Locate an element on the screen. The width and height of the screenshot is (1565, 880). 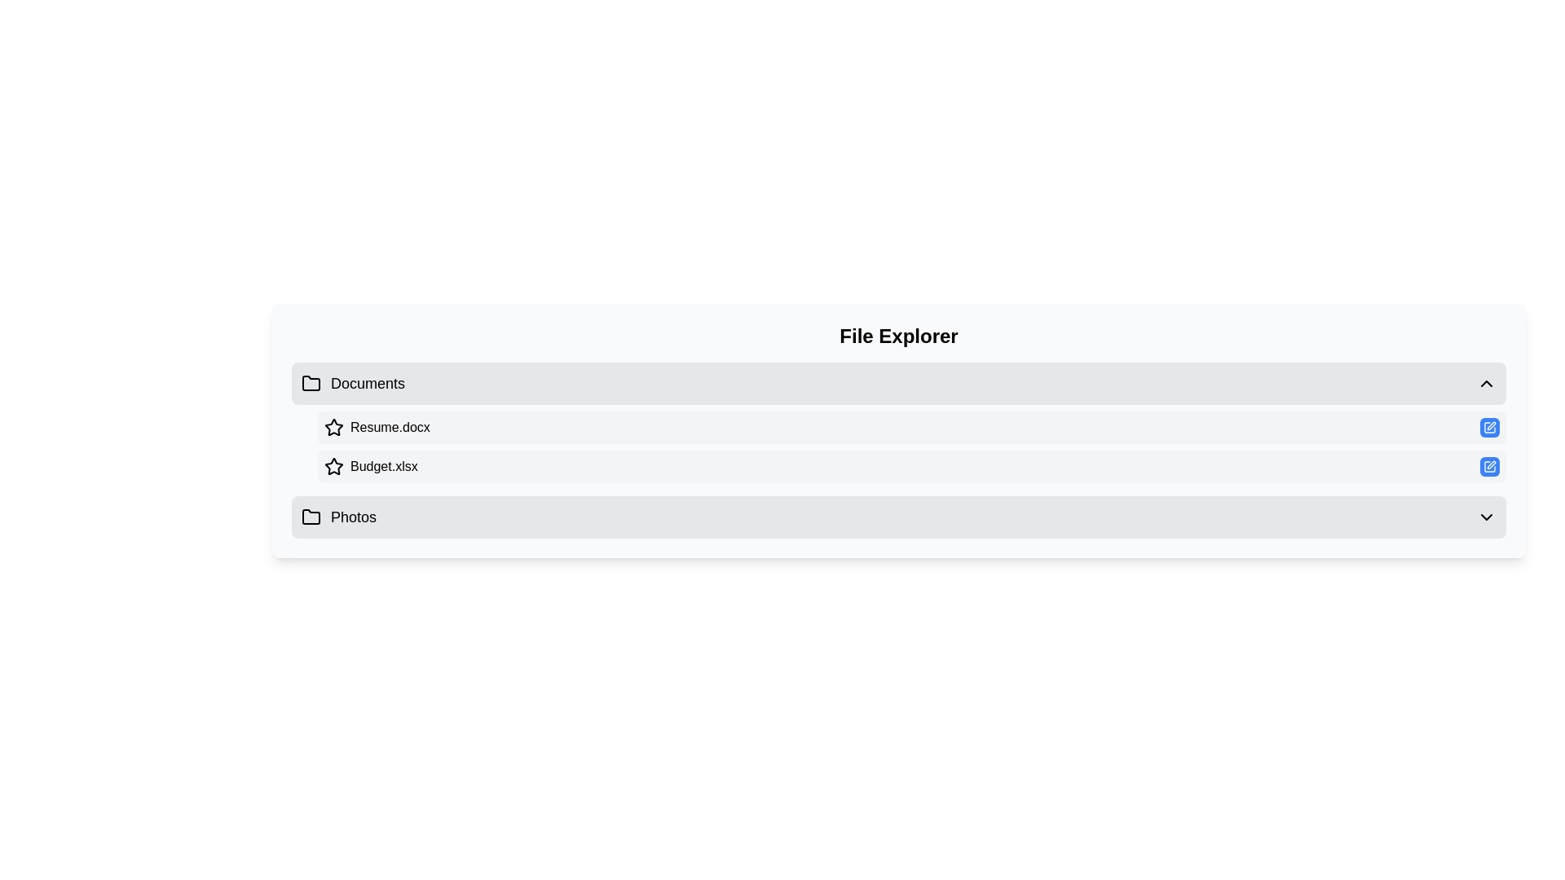
the blue button with a pen icon located is located at coordinates (1490, 426).